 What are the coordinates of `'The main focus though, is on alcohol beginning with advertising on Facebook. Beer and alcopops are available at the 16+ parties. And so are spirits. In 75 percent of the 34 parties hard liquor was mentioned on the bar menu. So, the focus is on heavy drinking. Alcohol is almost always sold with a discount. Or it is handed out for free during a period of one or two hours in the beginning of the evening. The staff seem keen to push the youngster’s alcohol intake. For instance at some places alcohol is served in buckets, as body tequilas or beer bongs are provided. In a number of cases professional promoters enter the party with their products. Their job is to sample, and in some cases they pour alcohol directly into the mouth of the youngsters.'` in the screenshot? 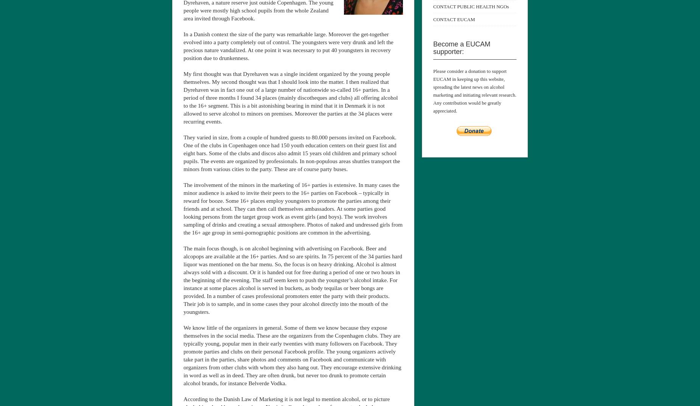 It's located at (292, 279).